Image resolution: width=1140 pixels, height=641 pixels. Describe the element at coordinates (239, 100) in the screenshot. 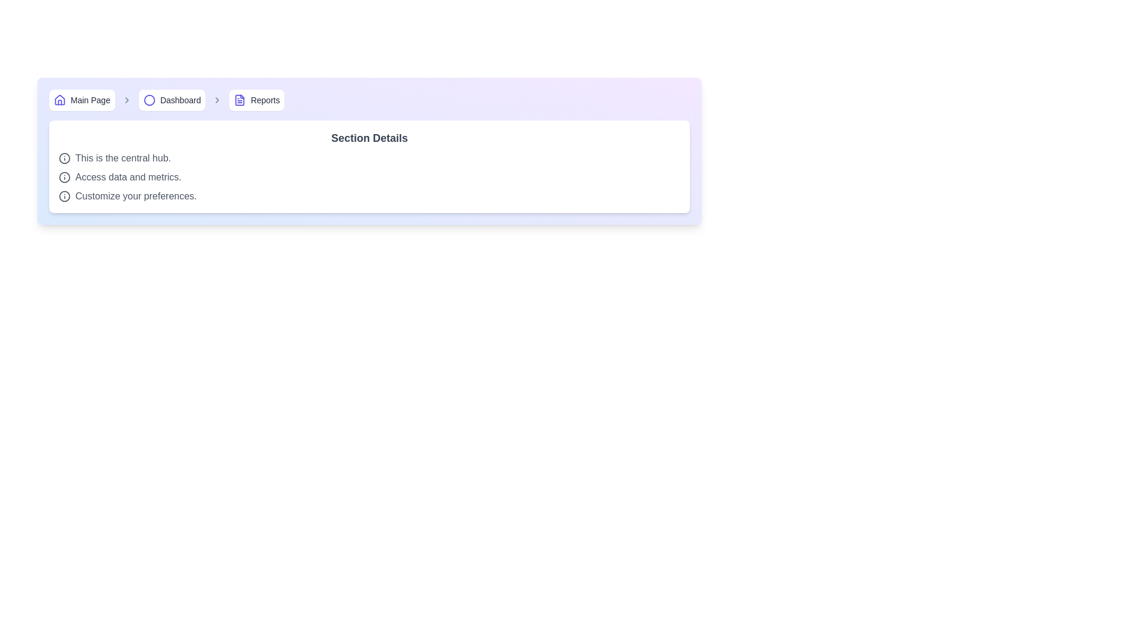

I see `the 'Reports' icon in the breadcrumb navigation for navigation purposes` at that location.